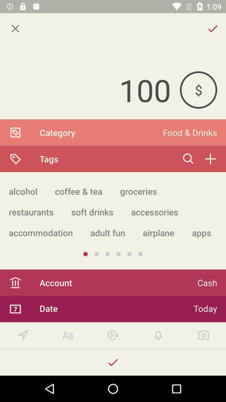 The height and width of the screenshot is (402, 226). Describe the element at coordinates (15, 28) in the screenshot. I see `window closeout` at that location.